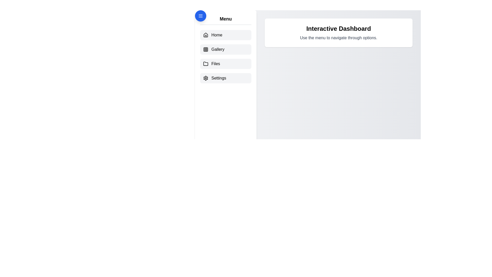 This screenshot has height=277, width=492. Describe the element at coordinates (225, 35) in the screenshot. I see `the menu item Home` at that location.